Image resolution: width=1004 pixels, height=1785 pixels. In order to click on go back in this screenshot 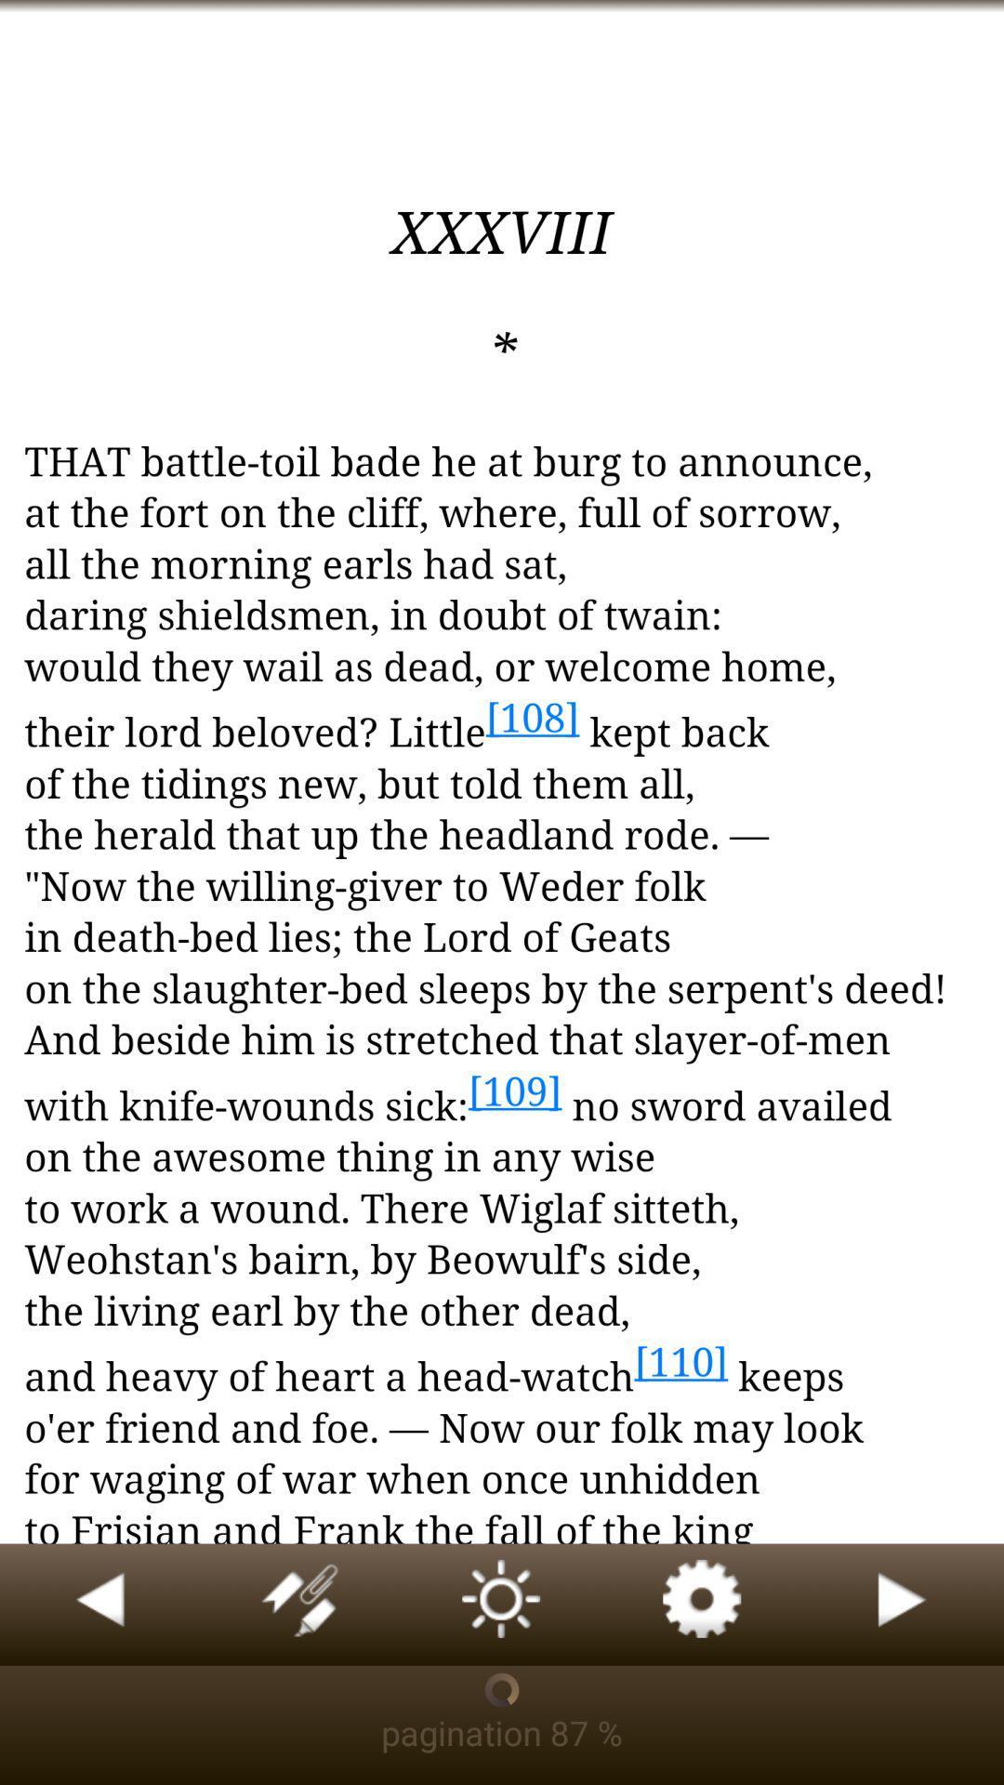, I will do `click(100, 1604)`.